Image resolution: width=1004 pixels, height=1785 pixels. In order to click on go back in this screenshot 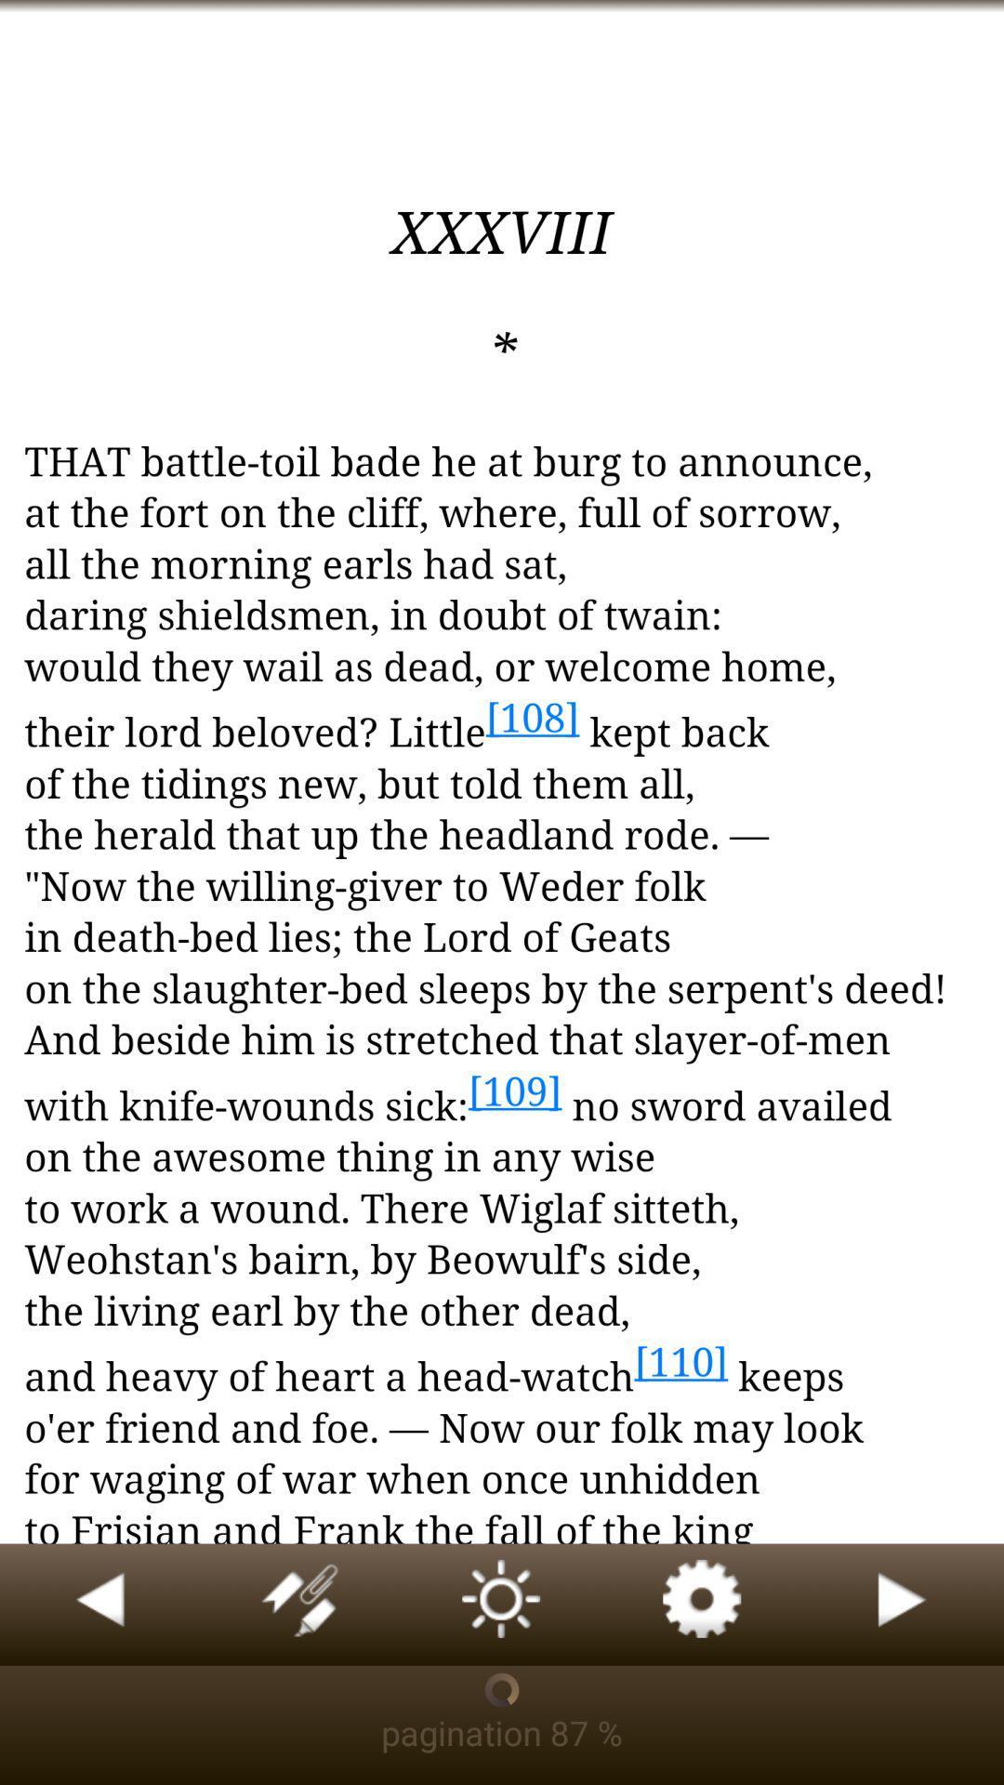, I will do `click(100, 1604)`.